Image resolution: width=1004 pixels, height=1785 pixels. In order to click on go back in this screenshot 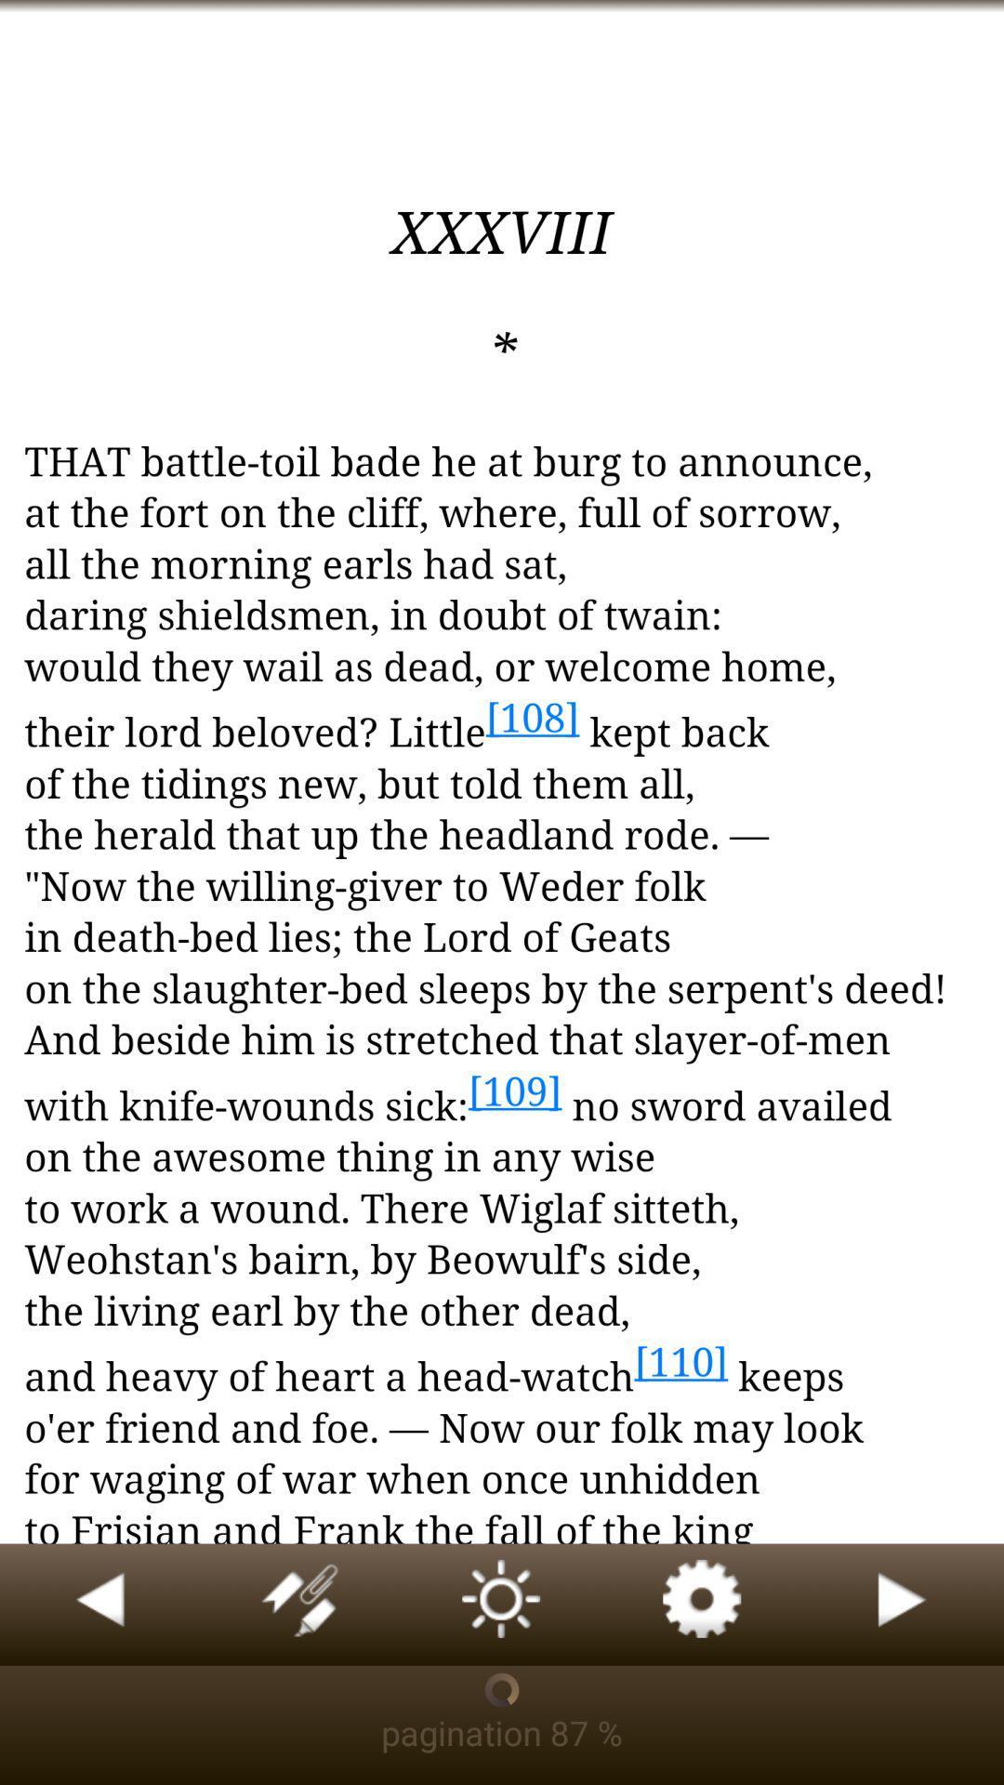, I will do `click(100, 1604)`.